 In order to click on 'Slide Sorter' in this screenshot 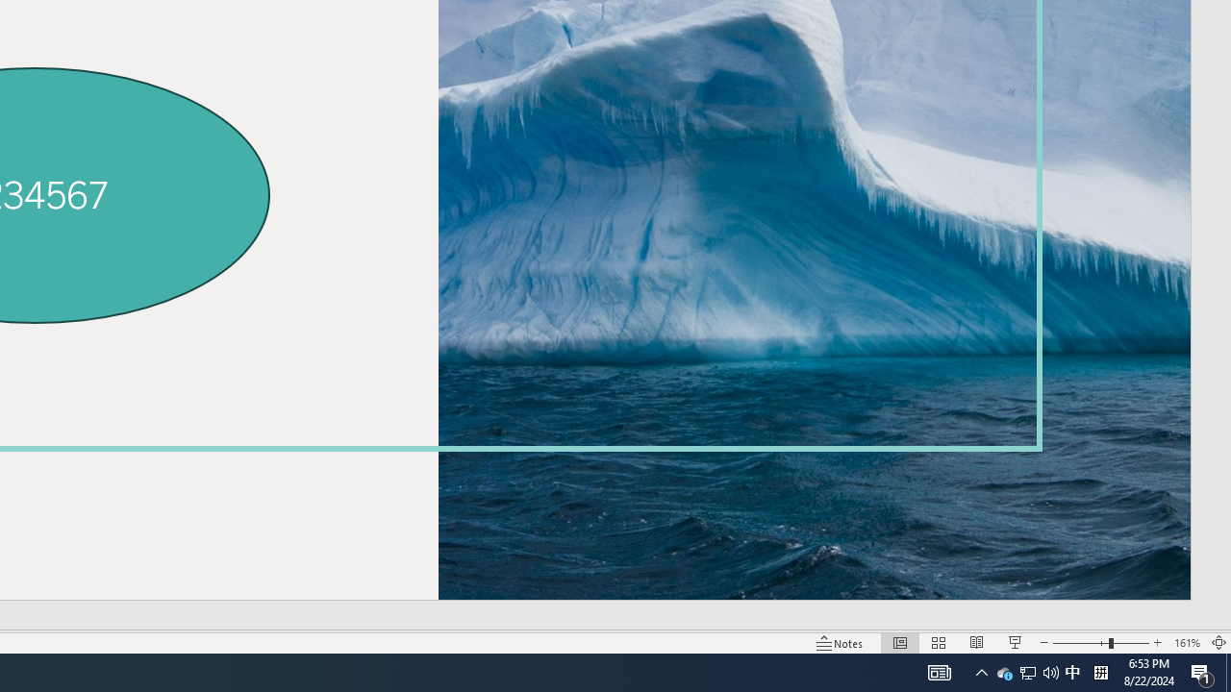, I will do `click(939, 643)`.